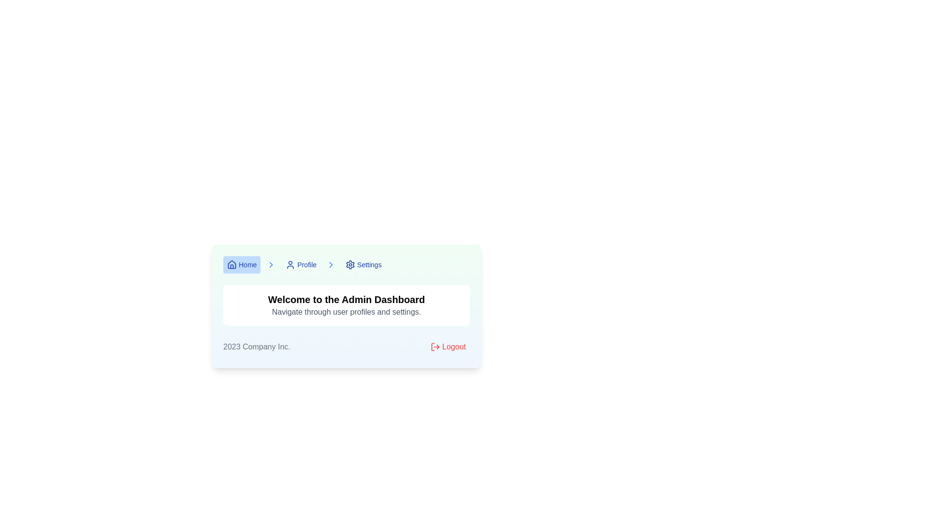 Image resolution: width=928 pixels, height=522 pixels. I want to click on text content displaying the phrase 'Navigate through user profiles and settings.' which is positioned below the title 'Welcome to the Admin Dashboard.', so click(346, 312).